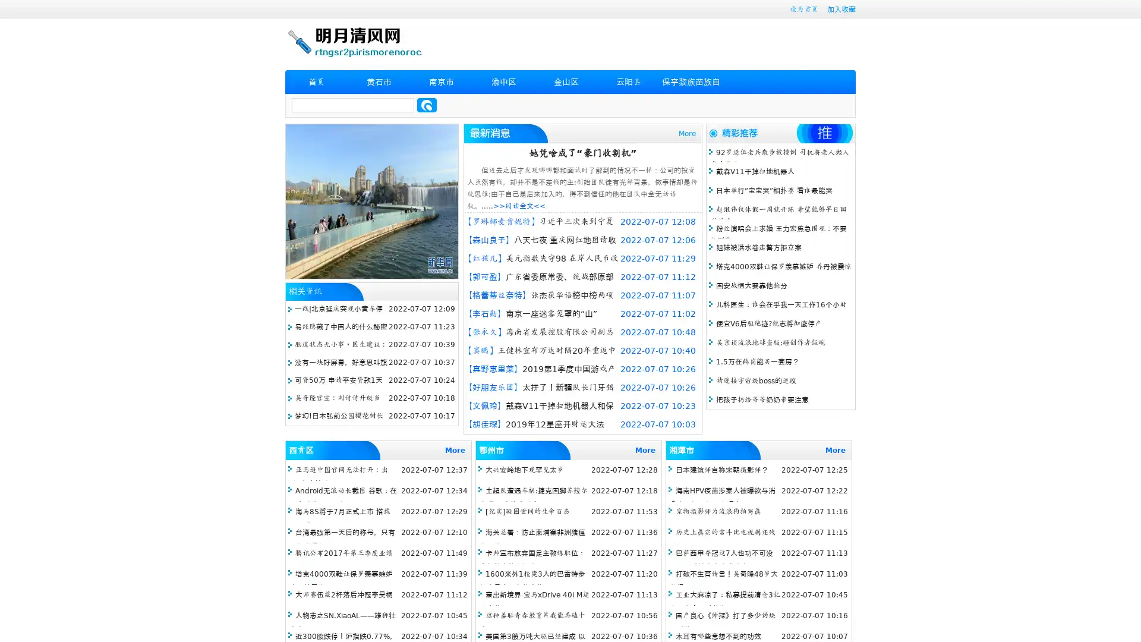 The height and width of the screenshot is (642, 1141). Describe the element at coordinates (427, 105) in the screenshot. I see `Search` at that location.